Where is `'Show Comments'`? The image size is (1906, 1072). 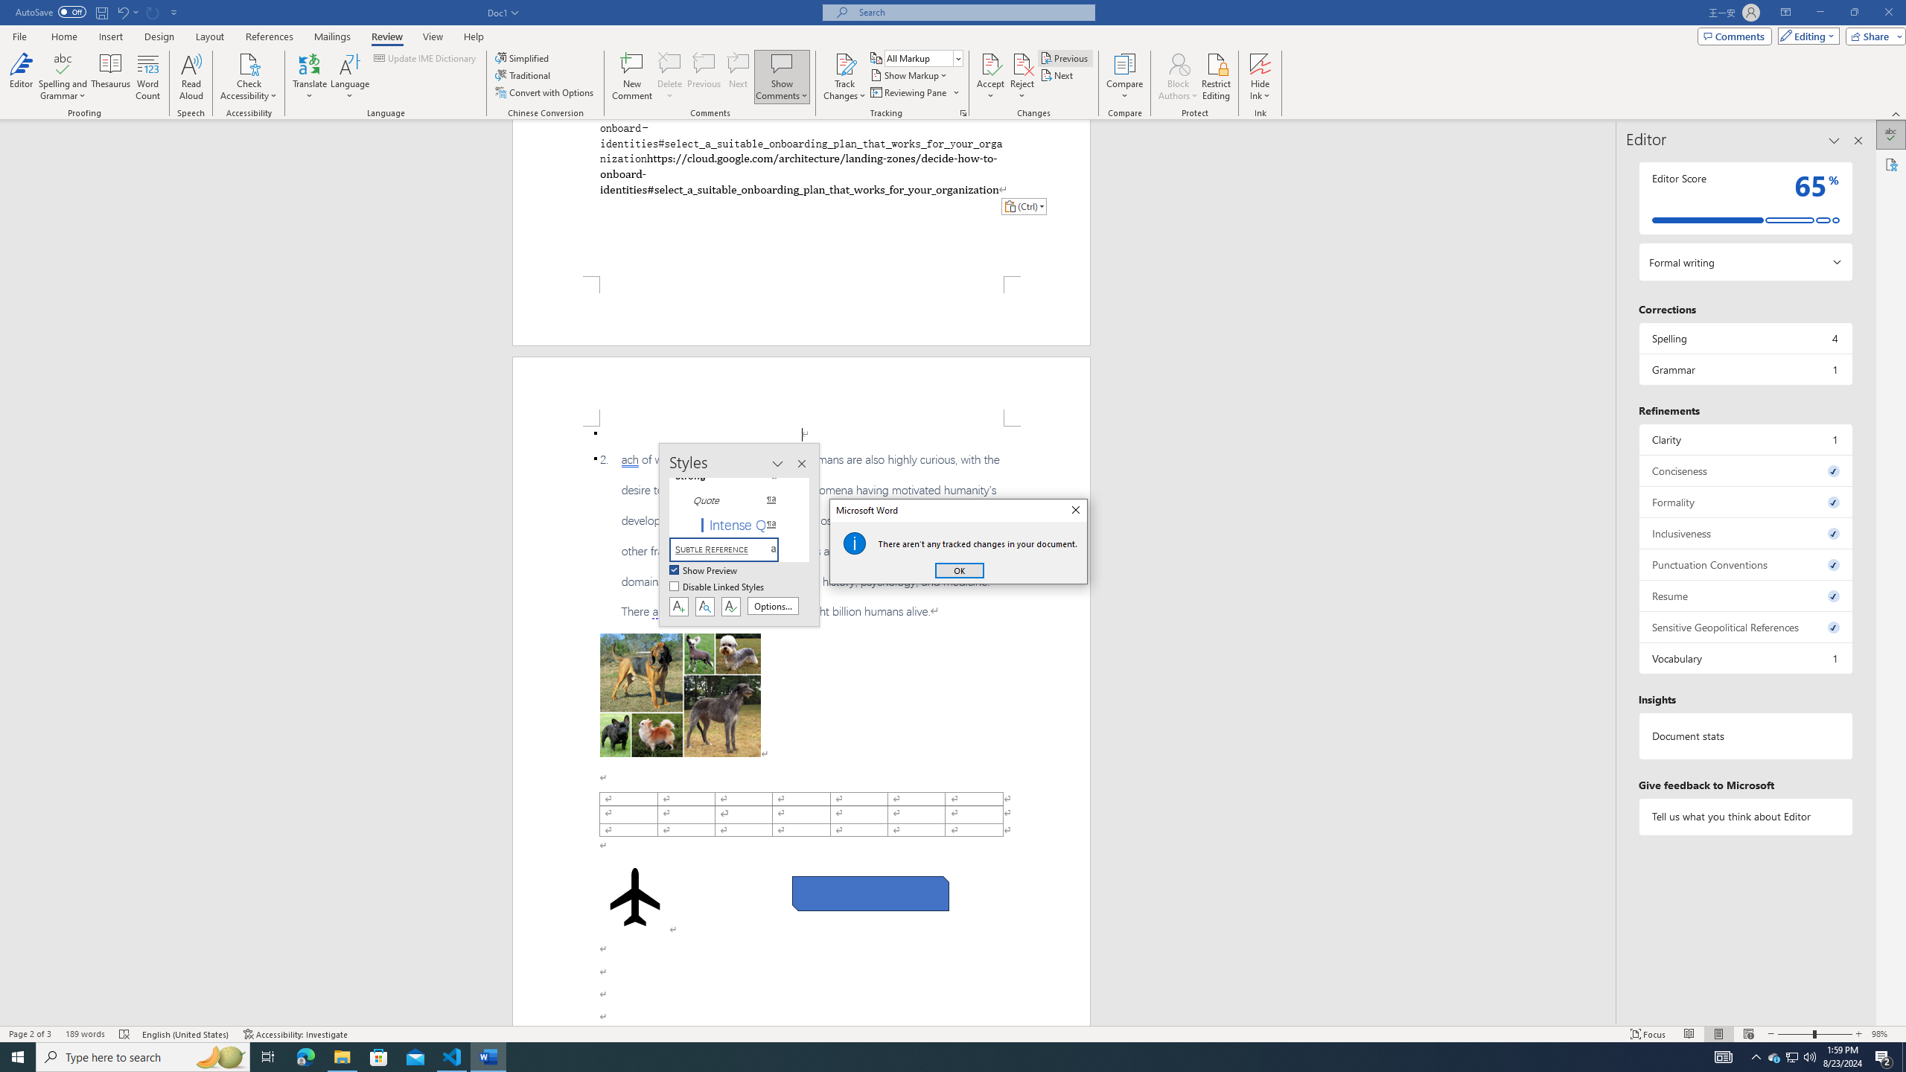 'Show Comments' is located at coordinates (781, 77).